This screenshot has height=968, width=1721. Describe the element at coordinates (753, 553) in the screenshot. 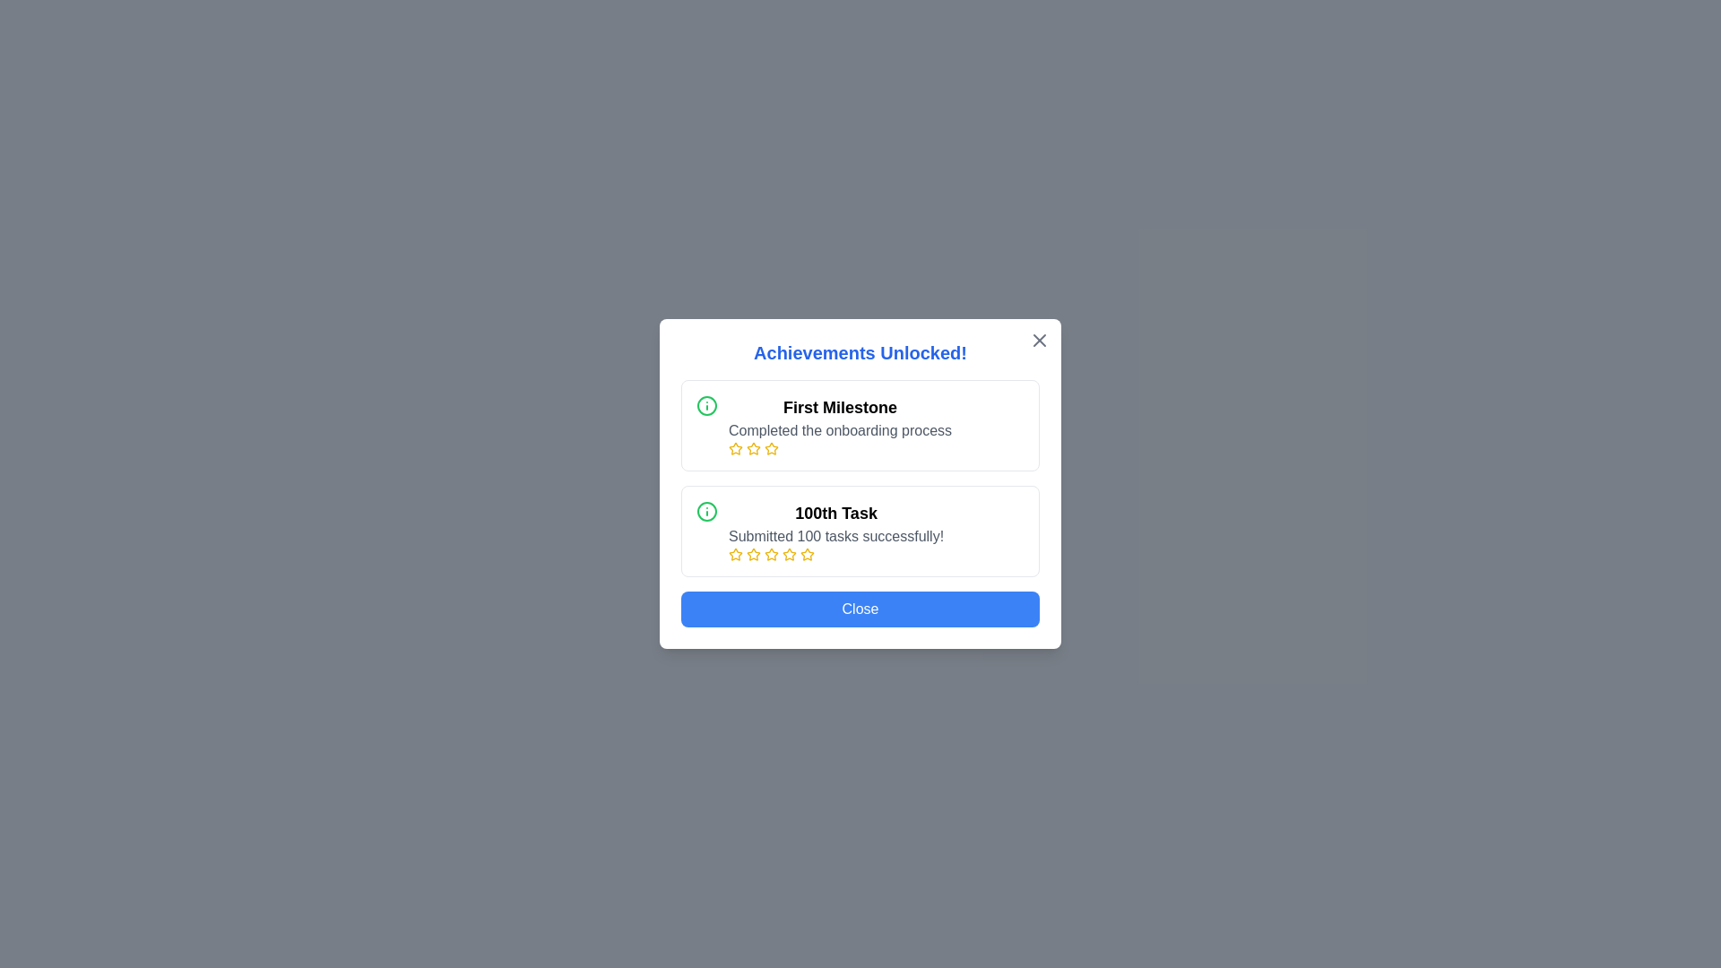

I see `the third star icon in the horizontal row of five stars located under the '100th Task' achievement description in the modal-style achievement popup` at that location.